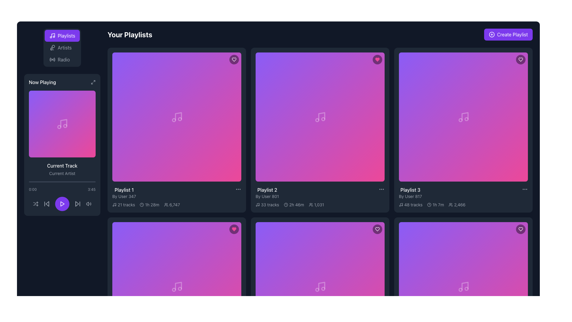 The height and width of the screenshot is (322, 572). What do you see at coordinates (66, 35) in the screenshot?
I see `the 'Playlists' text label within the navigation button located` at bounding box center [66, 35].